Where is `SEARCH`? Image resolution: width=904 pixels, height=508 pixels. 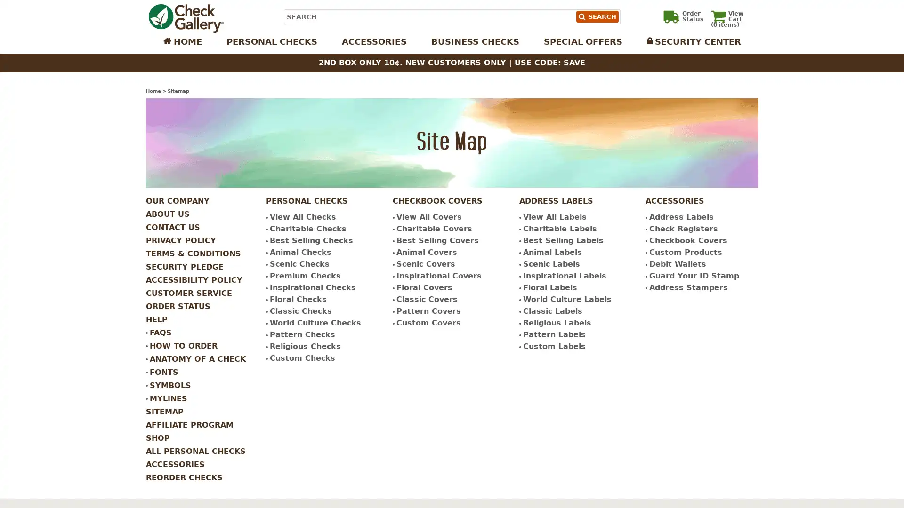 SEARCH is located at coordinates (596, 16).